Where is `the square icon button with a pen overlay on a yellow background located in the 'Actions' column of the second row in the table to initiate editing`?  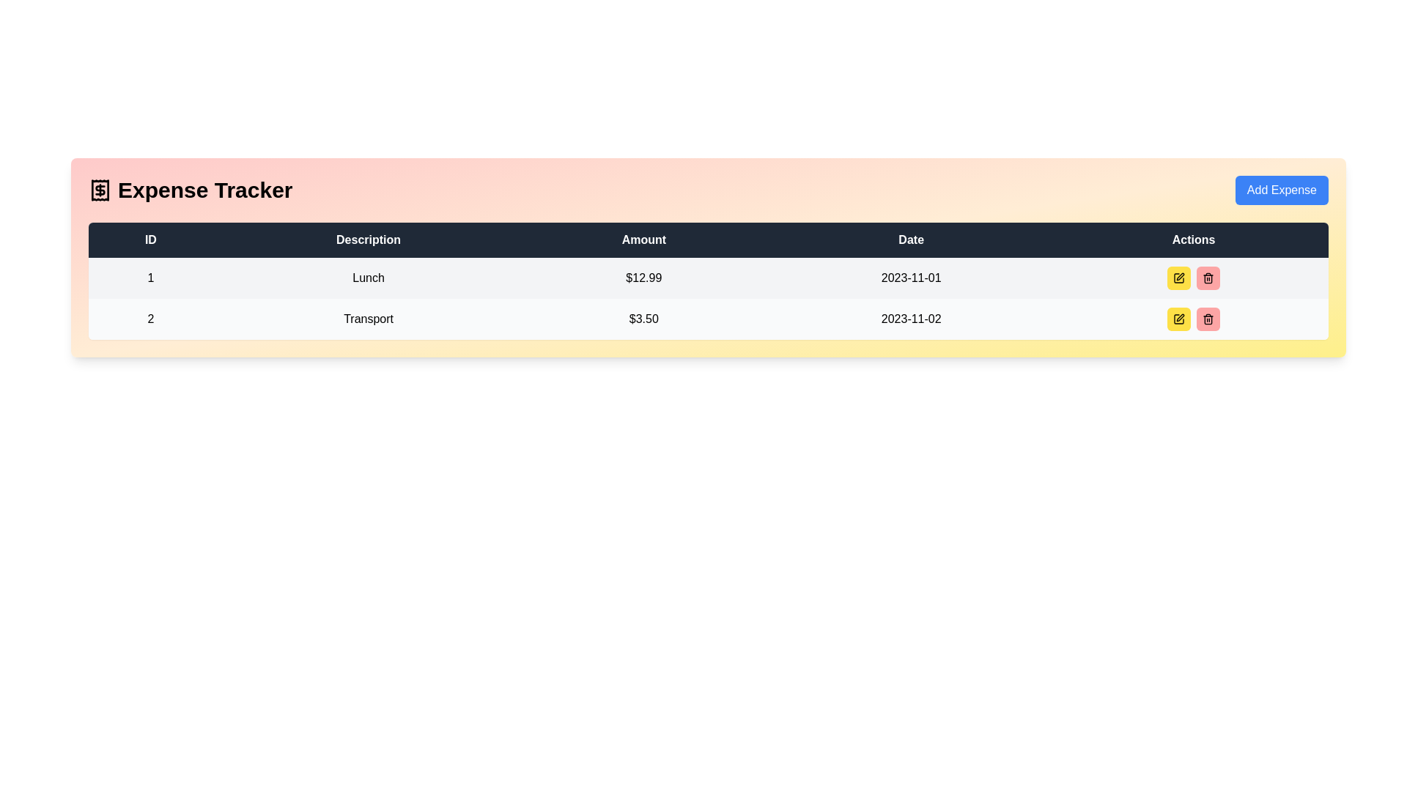
the square icon button with a pen overlay on a yellow background located in the 'Actions' column of the second row in the table to initiate editing is located at coordinates (1178, 278).